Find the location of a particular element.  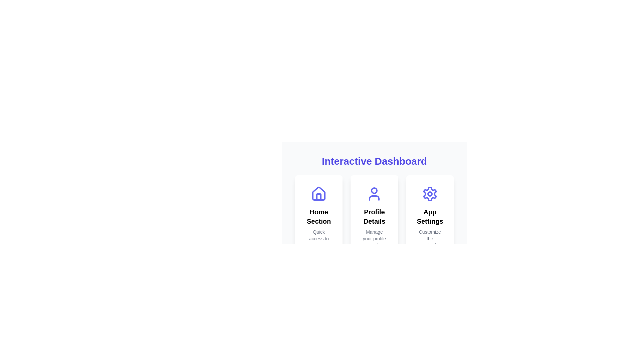

the curved graphical icon segment that forms the base of the stylized user icon in the 'Profile Details' section of the 'Interactive Dashboard' is located at coordinates (374, 198).